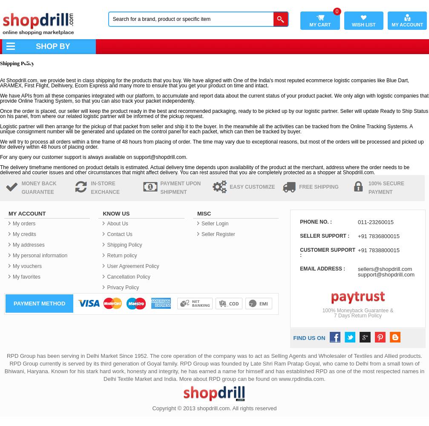 This screenshot has height=426, width=429. Describe the element at coordinates (107, 266) in the screenshot. I see `'User Agreement Policy'` at that location.